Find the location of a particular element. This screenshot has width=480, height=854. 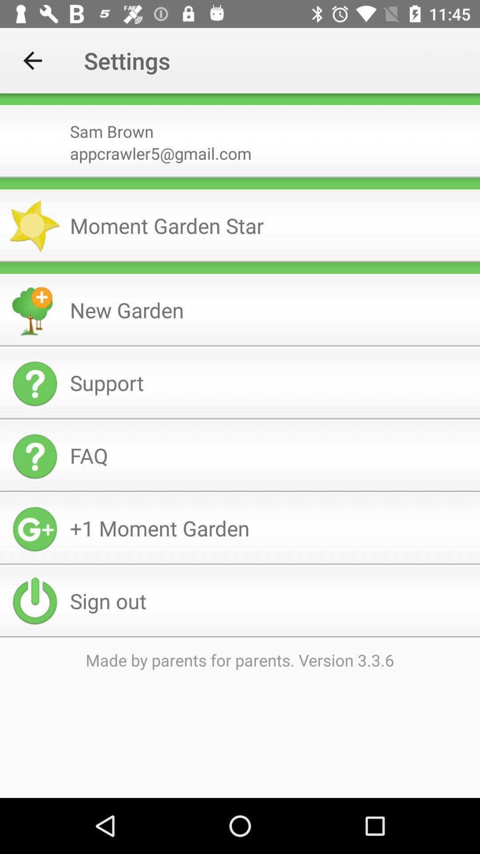

the item next to settings is located at coordinates (32, 60).